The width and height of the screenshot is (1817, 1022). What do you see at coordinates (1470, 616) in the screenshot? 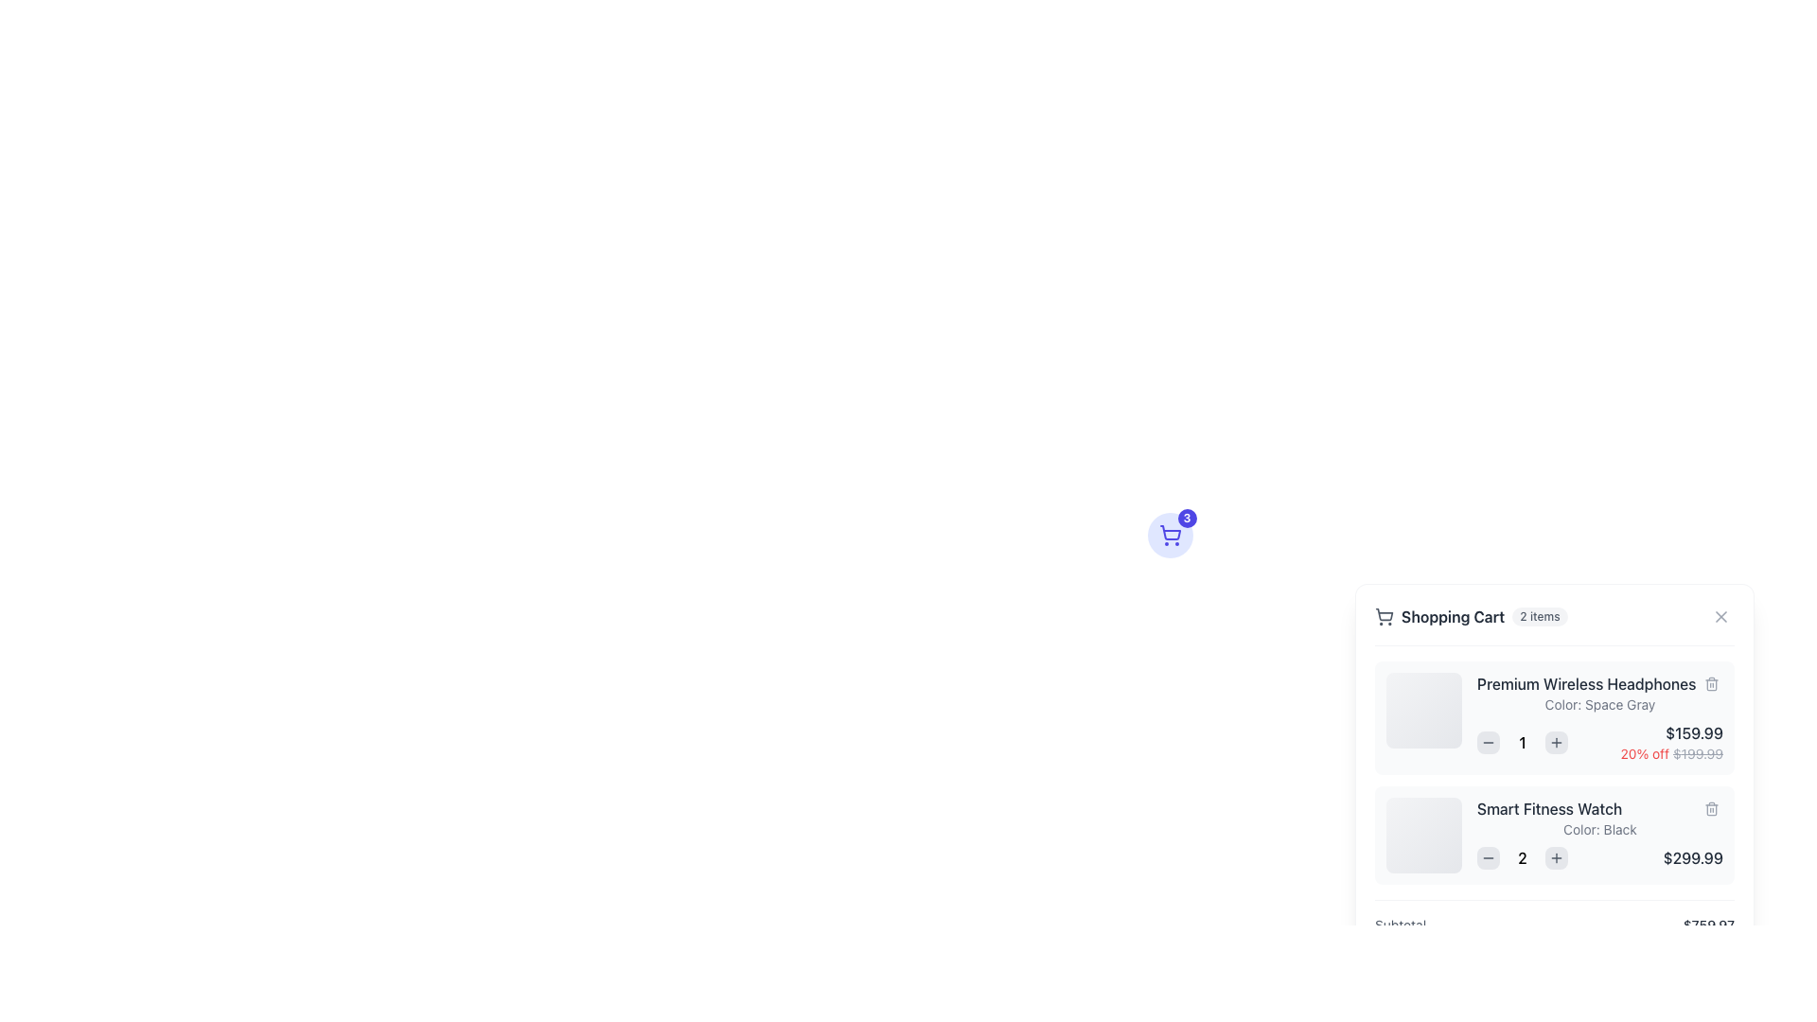
I see `the text element indicating the shopping cart, which includes a badge showing '2 items' and is located at the top-left corner of the cart display area` at bounding box center [1470, 616].